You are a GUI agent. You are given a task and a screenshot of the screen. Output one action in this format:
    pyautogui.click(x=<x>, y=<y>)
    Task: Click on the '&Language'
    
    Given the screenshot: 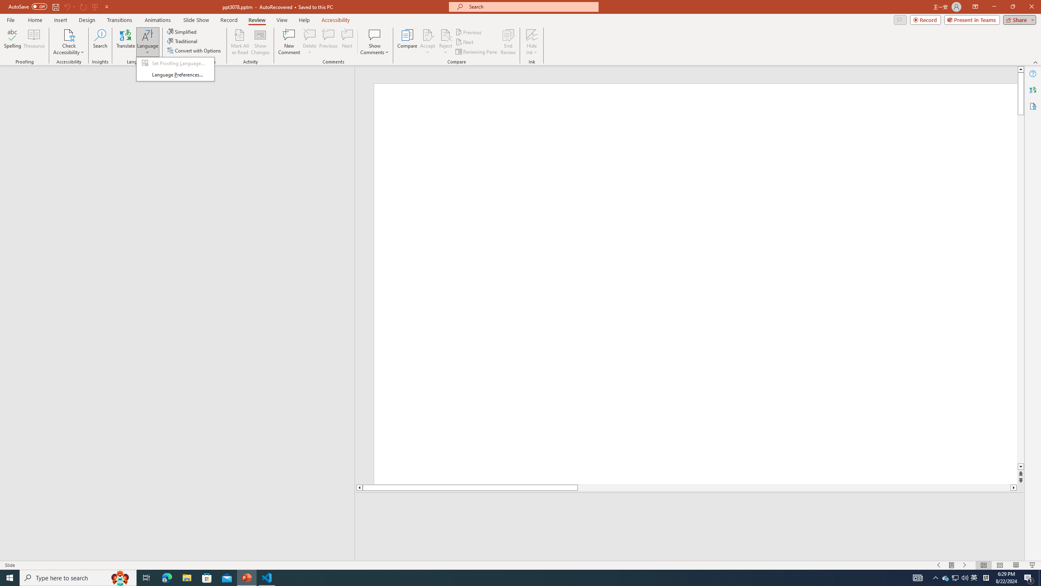 What is the action you would take?
    pyautogui.click(x=175, y=68)
    